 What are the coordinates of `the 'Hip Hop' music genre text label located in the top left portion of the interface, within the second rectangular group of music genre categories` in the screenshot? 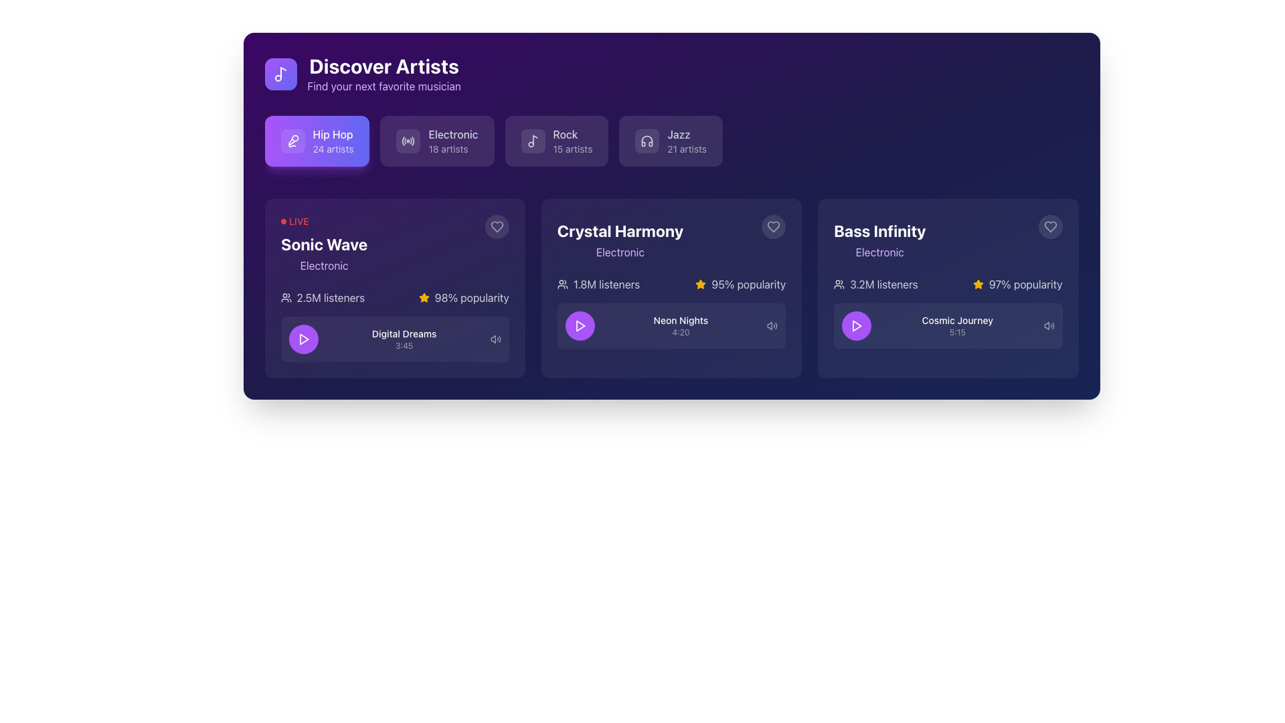 It's located at (333, 134).